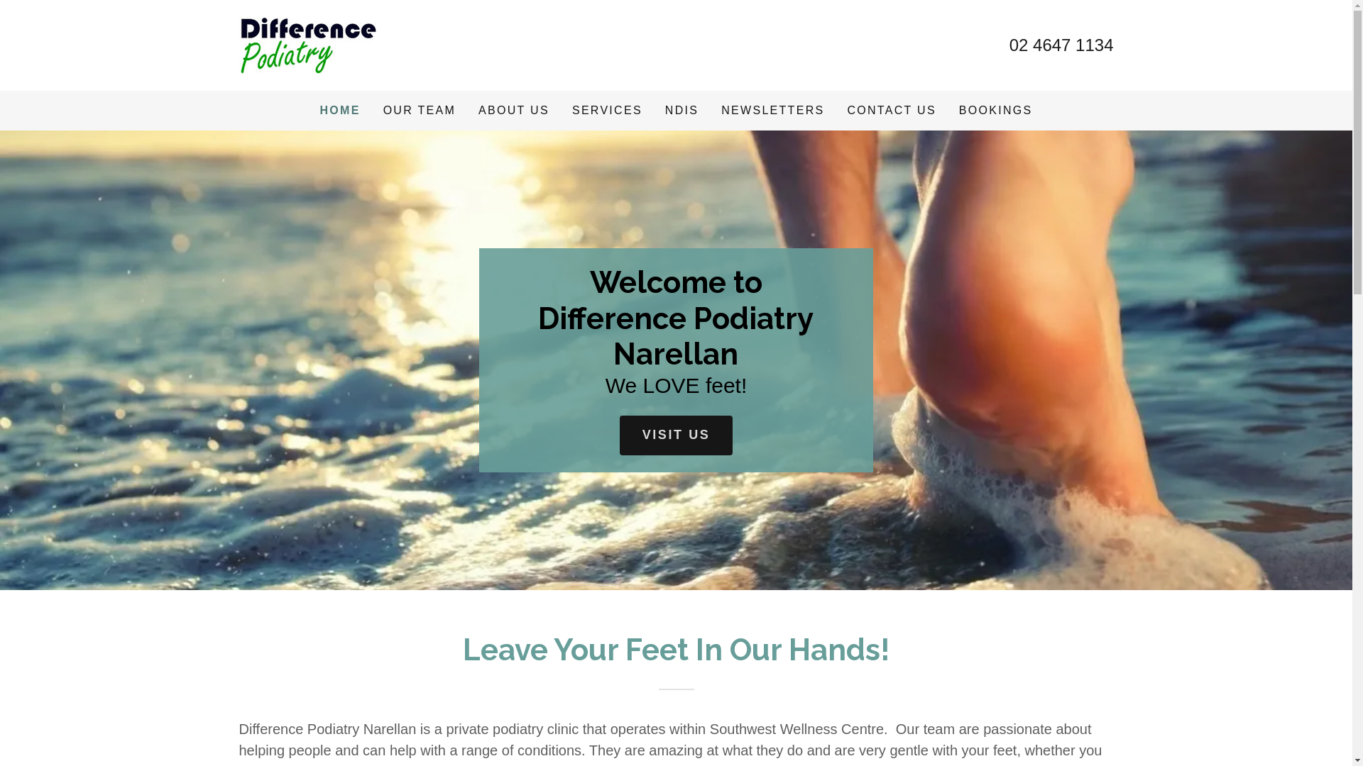 The height and width of the screenshot is (766, 1363). I want to click on '02 4647 1134', so click(1061, 44).